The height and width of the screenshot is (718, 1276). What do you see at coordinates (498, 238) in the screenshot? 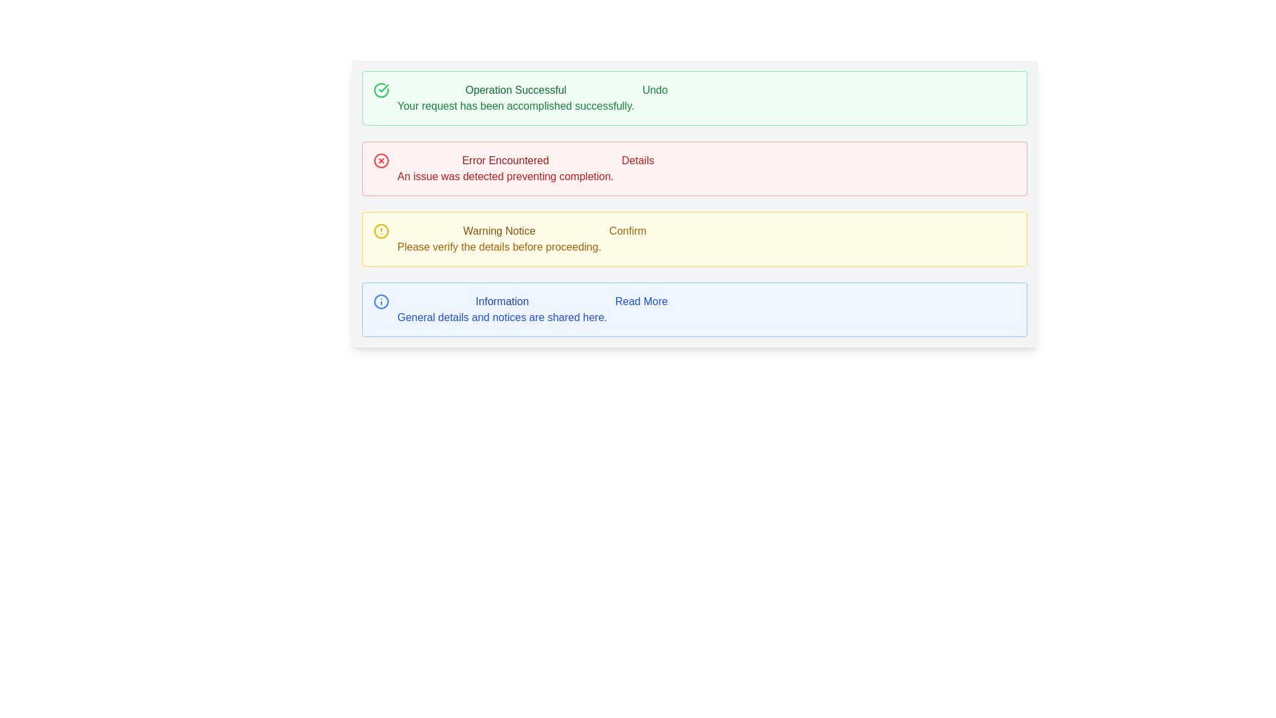
I see `the 'Warning Notice' label that contains a bold 'Warning Notice' and a lighter 'Please verify the details before proceeding.' text, positioned within the third notification card from the top` at bounding box center [498, 238].